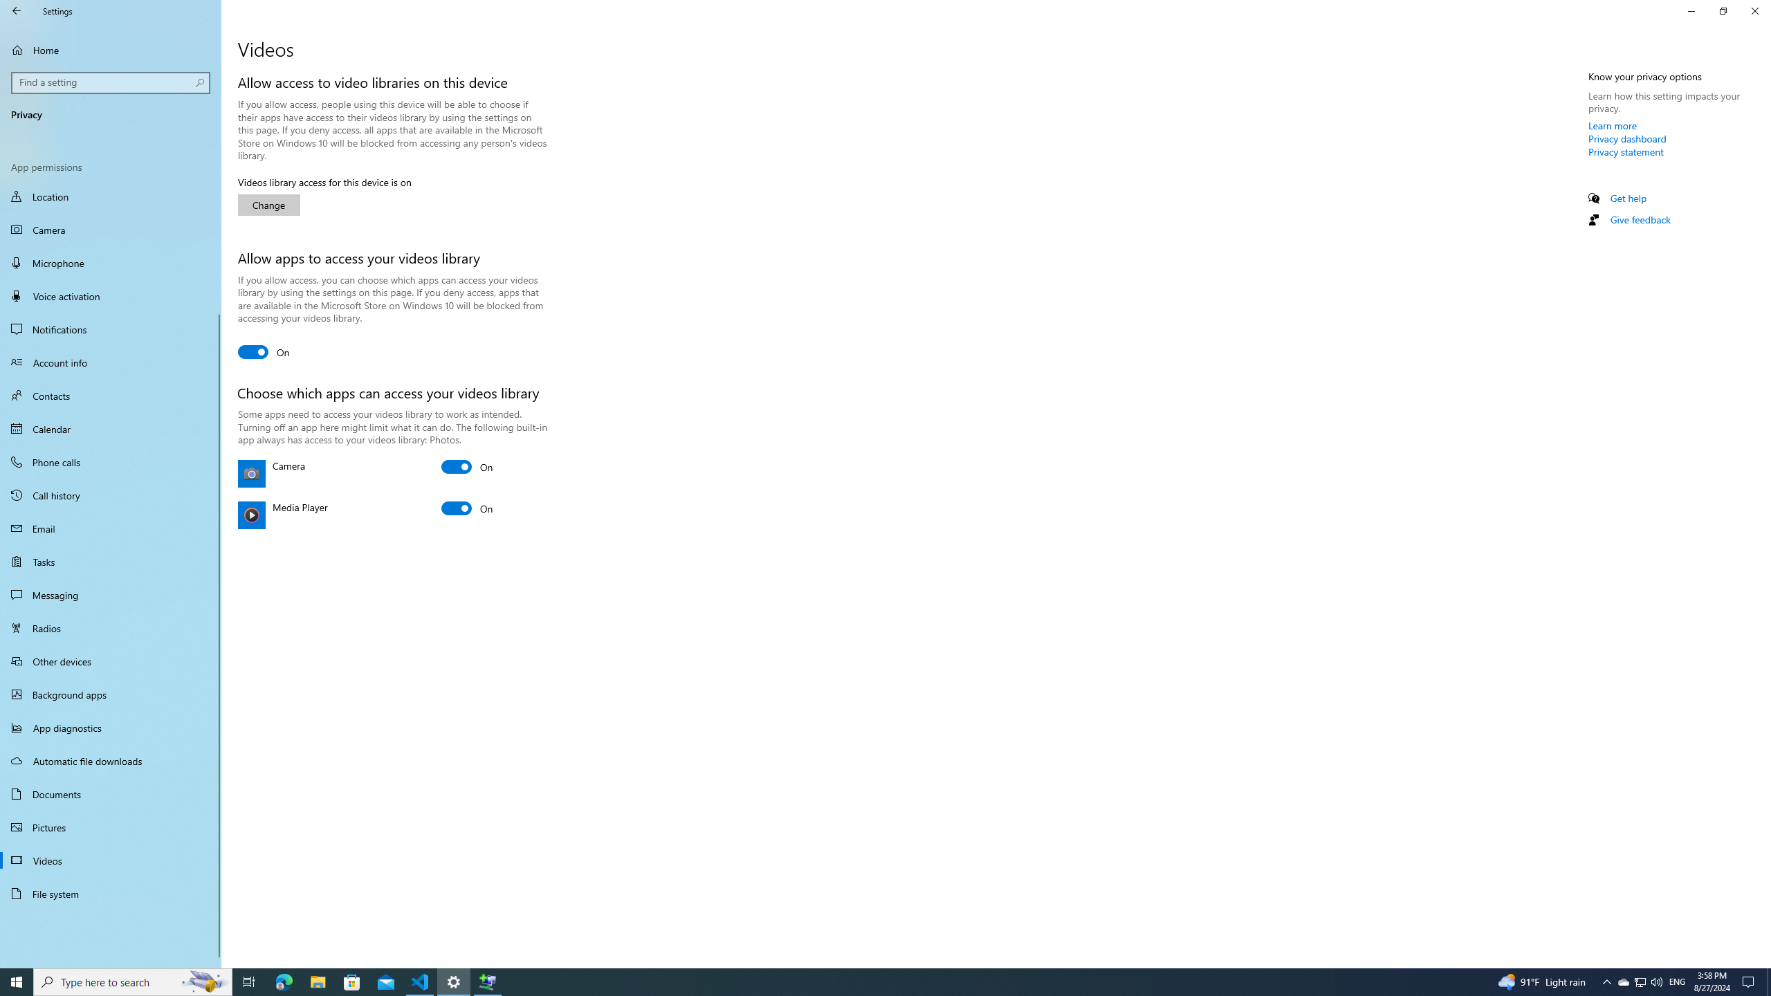  What do you see at coordinates (110, 794) in the screenshot?
I see `'Documents'` at bounding box center [110, 794].